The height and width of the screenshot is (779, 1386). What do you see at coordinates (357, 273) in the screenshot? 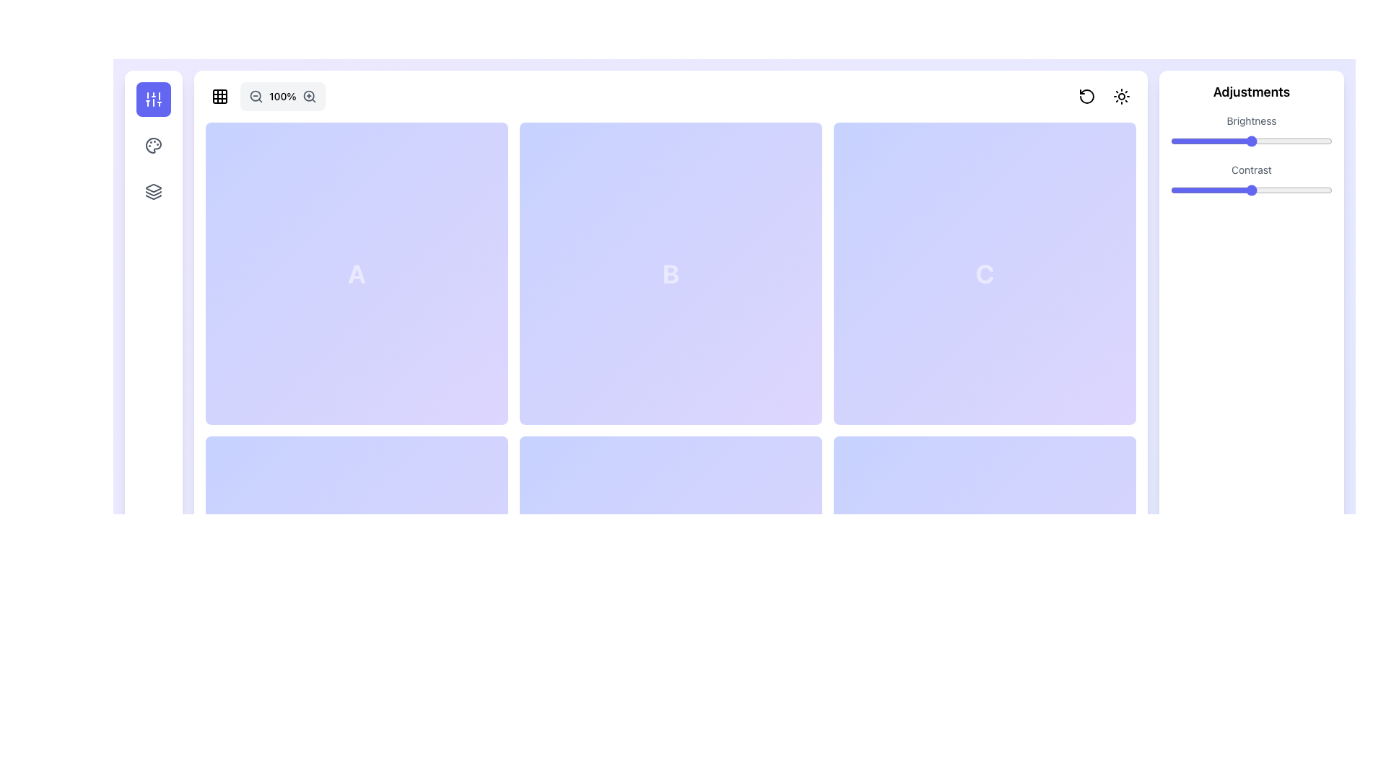
I see `the first card in the grid layout located at the top-left corner` at bounding box center [357, 273].